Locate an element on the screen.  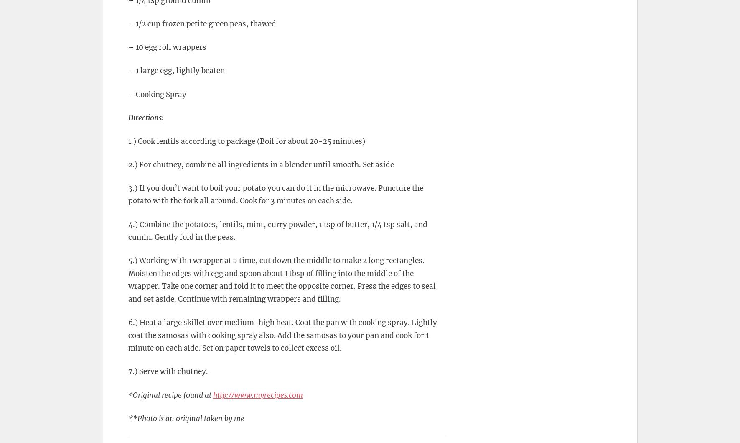
'7.) Serve with chutney.' is located at coordinates (127, 371).